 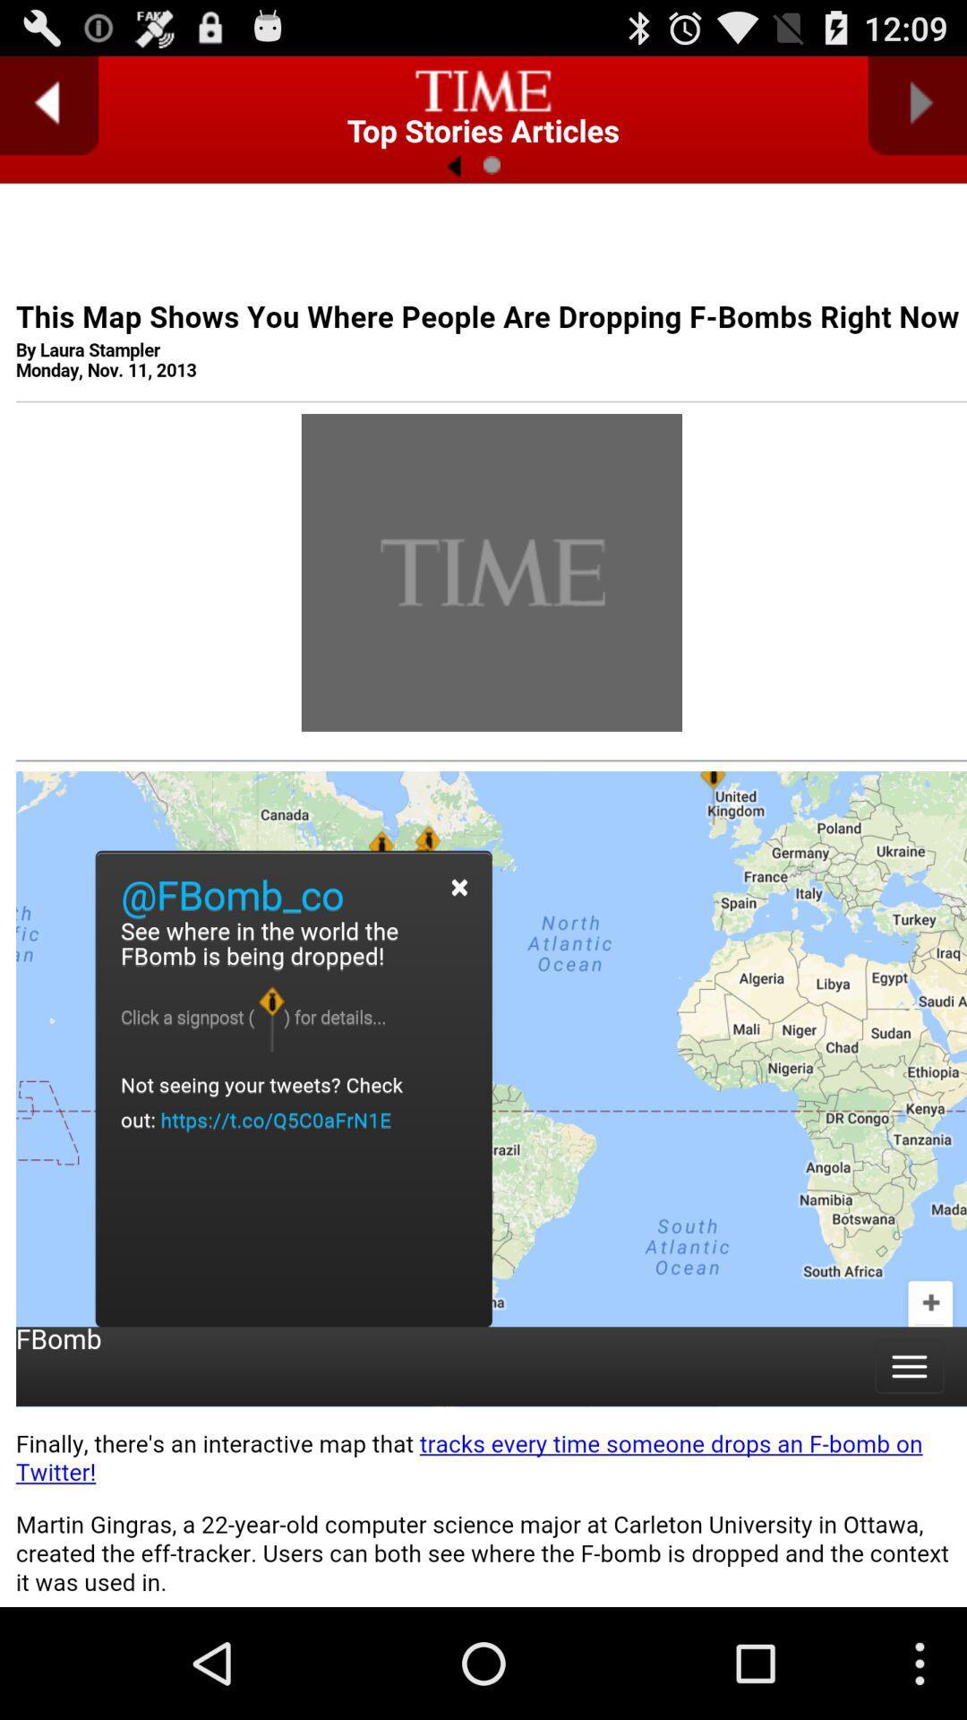 What do you see at coordinates (917, 105) in the screenshot?
I see `go forward` at bounding box center [917, 105].